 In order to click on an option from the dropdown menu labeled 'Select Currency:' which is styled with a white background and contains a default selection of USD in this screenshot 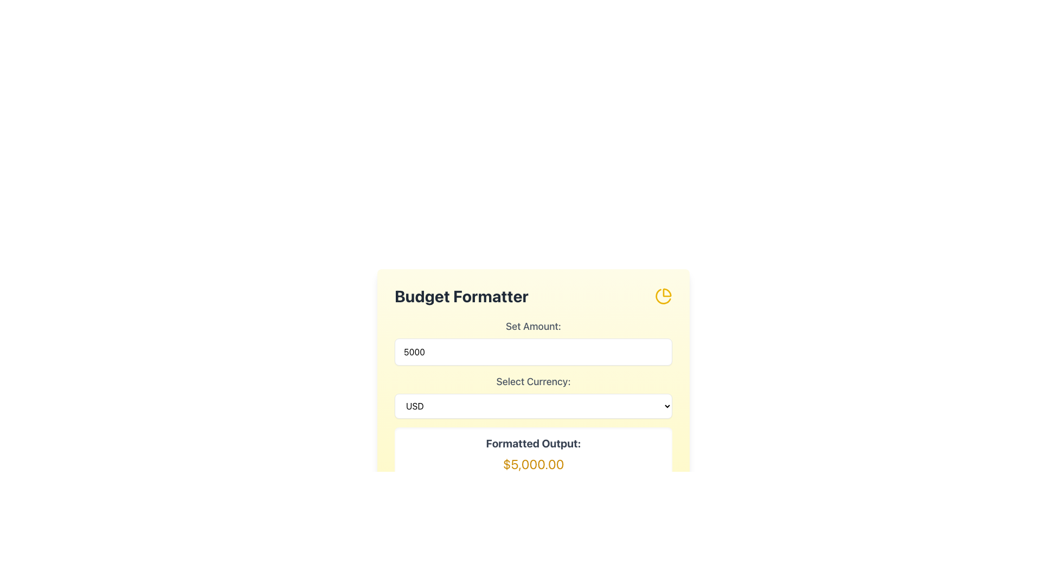, I will do `click(533, 396)`.